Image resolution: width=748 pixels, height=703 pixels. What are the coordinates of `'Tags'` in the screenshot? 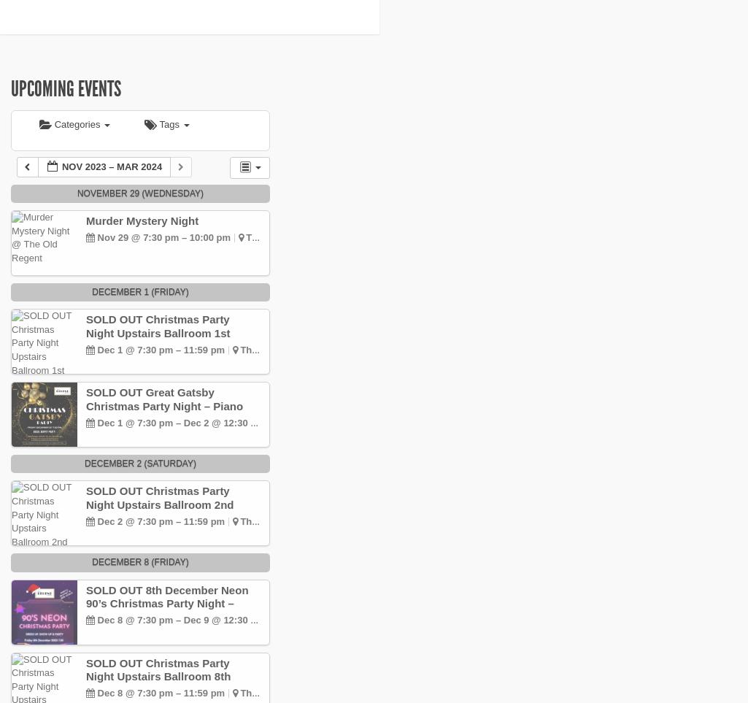 It's located at (159, 124).